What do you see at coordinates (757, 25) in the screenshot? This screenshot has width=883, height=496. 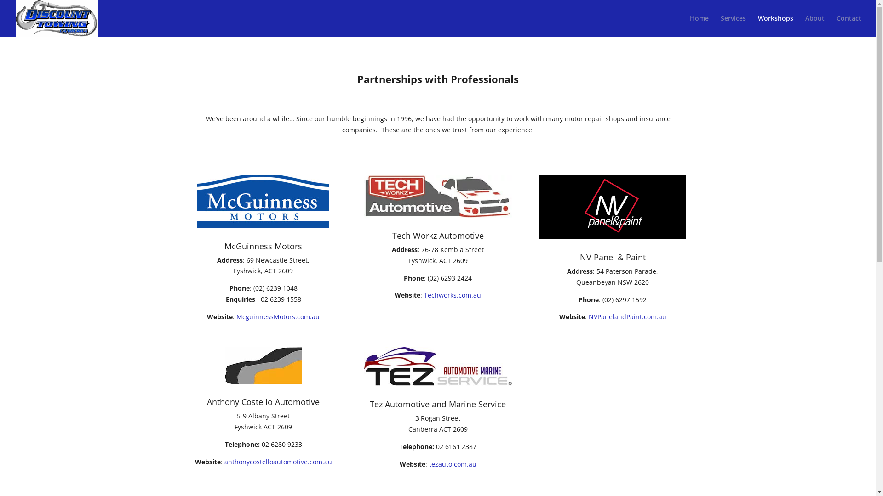 I see `'Workshops'` at bounding box center [757, 25].